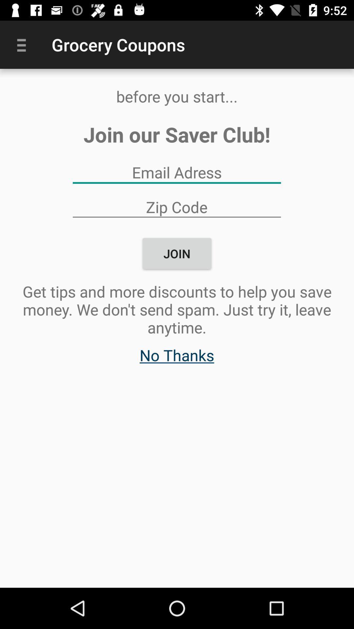  Describe the element at coordinates (176, 172) in the screenshot. I see `email address` at that location.